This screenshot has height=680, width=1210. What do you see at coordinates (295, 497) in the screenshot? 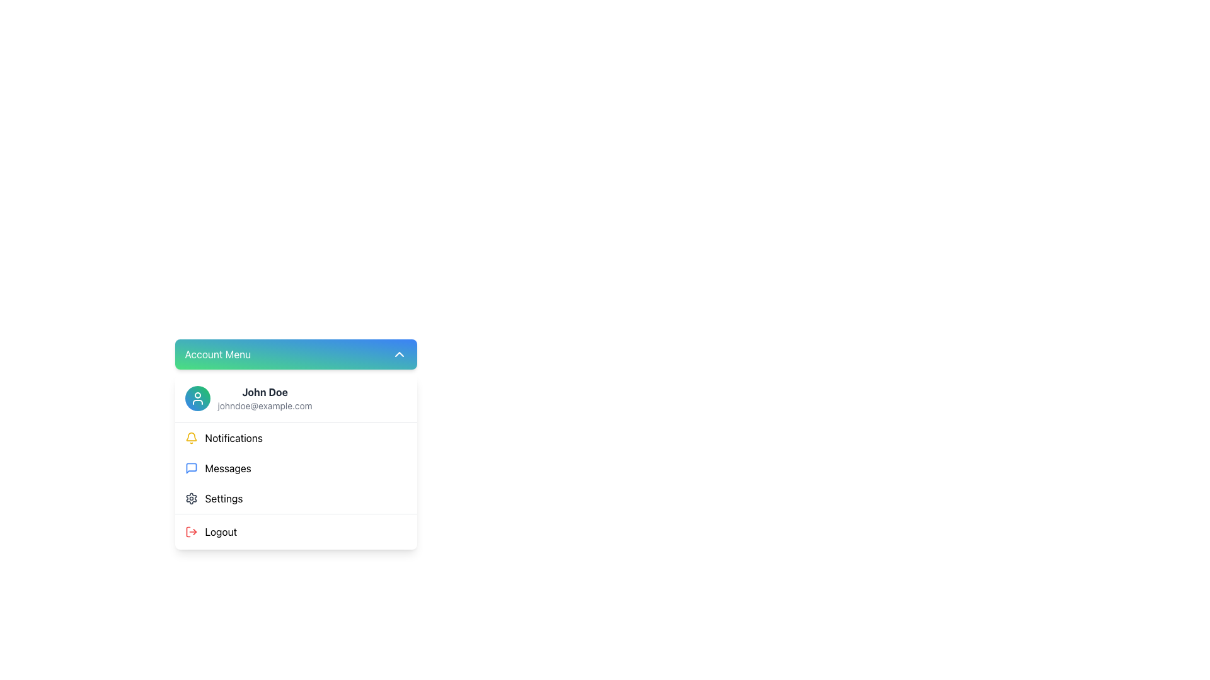
I see `the 'Settings' menu item, which is the third item in a vertical list, located between 'Messages' and 'Logout'` at bounding box center [295, 497].